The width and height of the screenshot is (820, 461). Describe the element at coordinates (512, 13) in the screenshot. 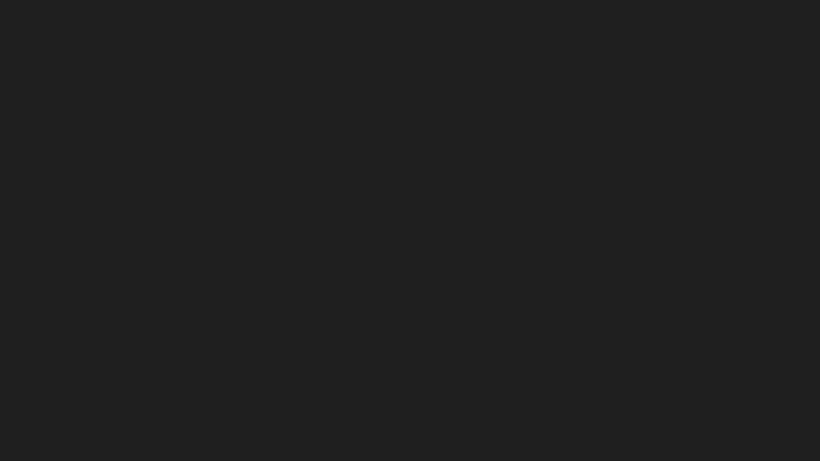

I see `Settings` at that location.